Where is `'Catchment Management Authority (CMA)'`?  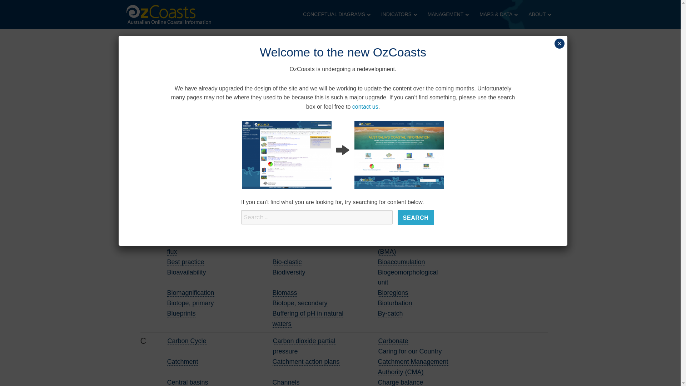 'Catchment Management Authority (CMA)' is located at coordinates (377, 367).